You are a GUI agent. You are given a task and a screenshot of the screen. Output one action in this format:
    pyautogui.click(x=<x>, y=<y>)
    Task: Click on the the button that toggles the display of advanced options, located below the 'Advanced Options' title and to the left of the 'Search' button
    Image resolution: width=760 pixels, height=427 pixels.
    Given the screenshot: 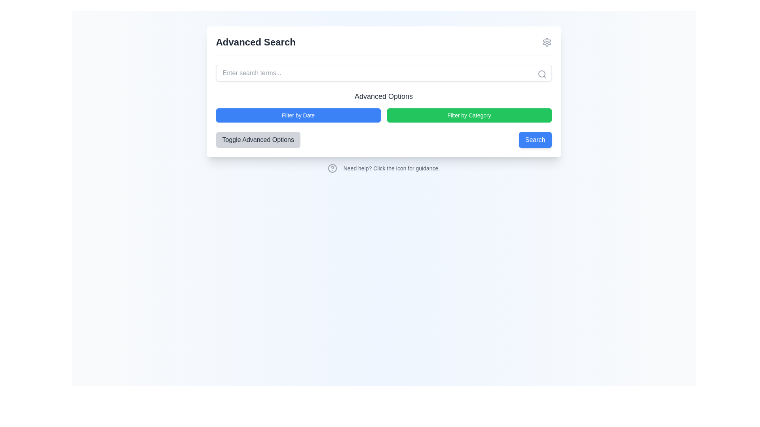 What is the action you would take?
    pyautogui.click(x=258, y=140)
    